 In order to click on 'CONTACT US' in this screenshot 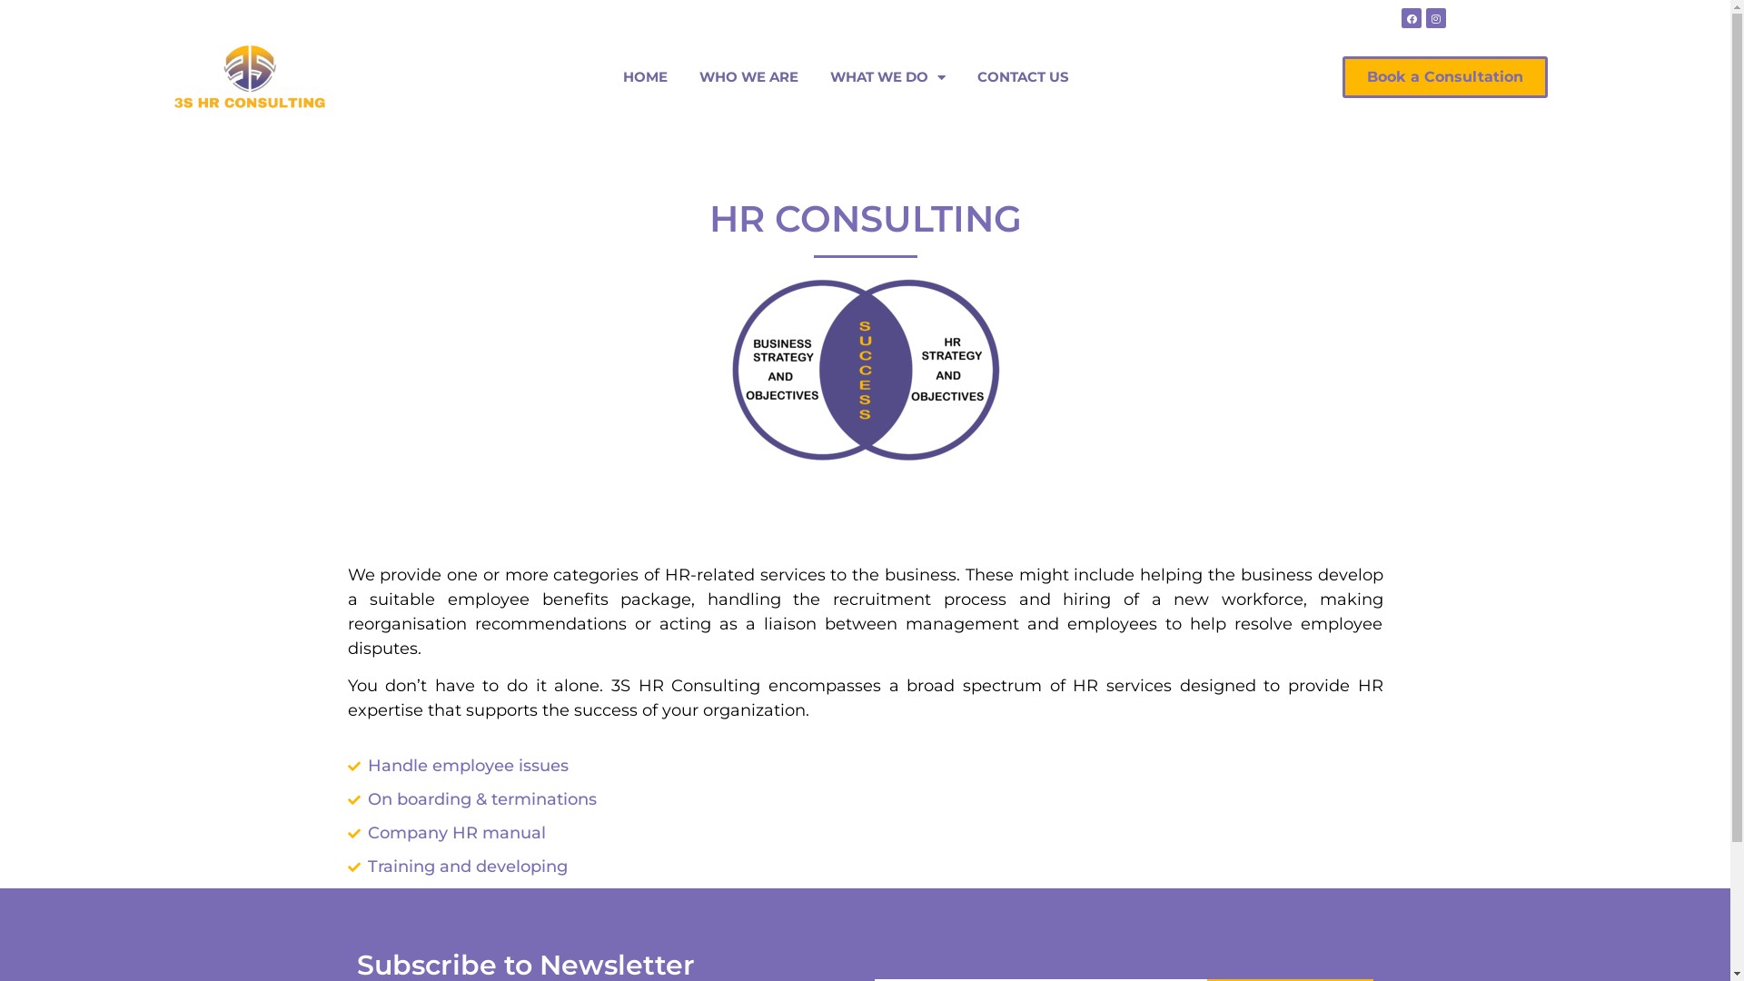, I will do `click(1023, 75)`.